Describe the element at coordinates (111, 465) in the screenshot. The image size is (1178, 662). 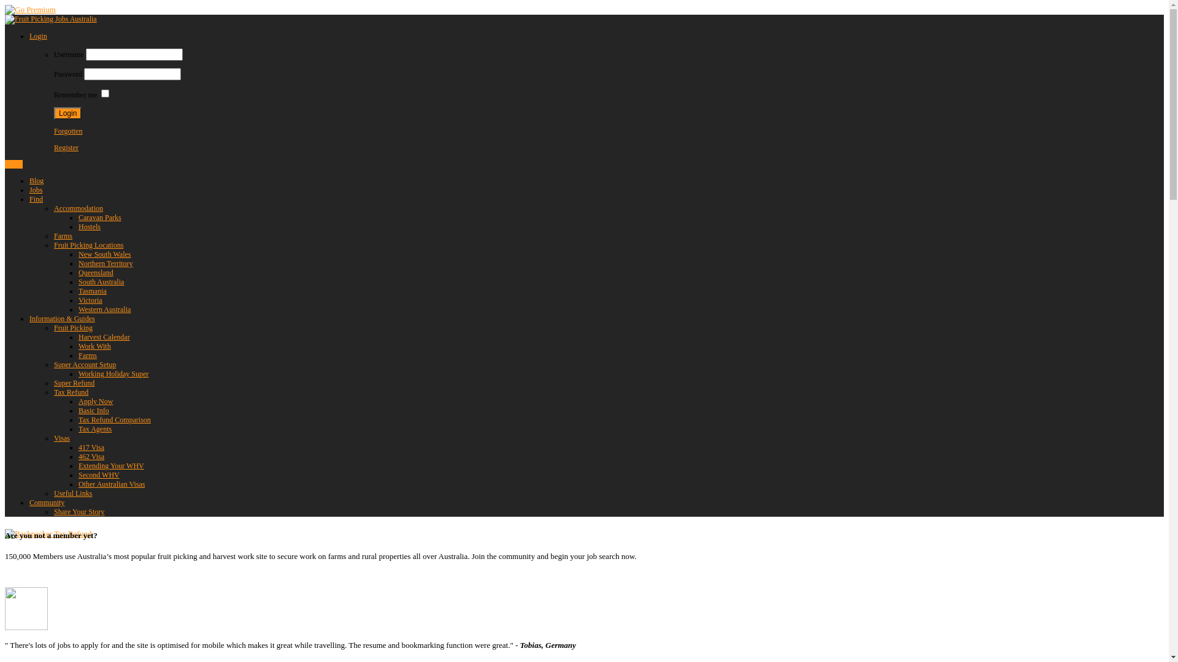
I see `'Extending Your WHV'` at that location.